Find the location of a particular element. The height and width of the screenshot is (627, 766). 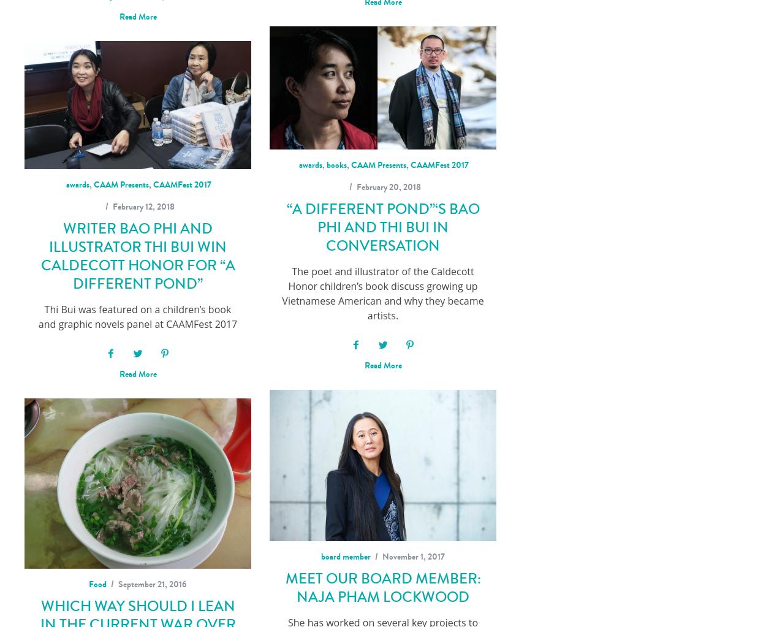

'February 20, 2018' is located at coordinates (389, 186).